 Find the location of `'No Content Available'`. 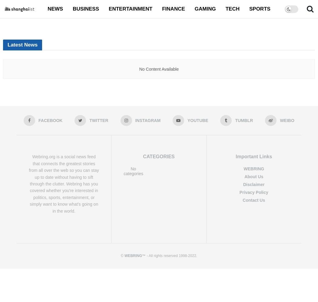

'No Content Available' is located at coordinates (158, 69).